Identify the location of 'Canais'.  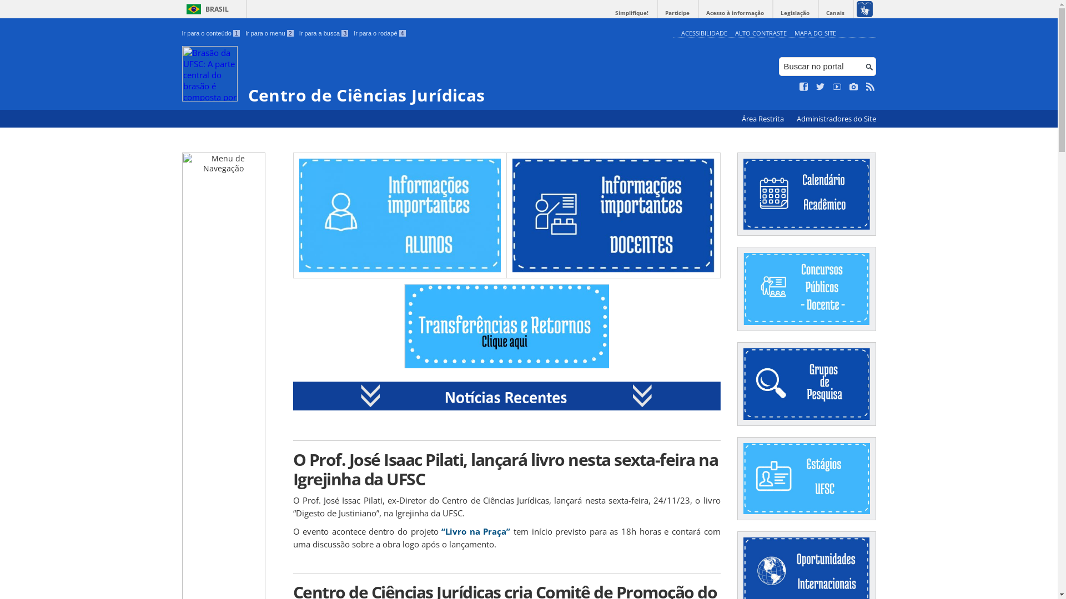
(835, 13).